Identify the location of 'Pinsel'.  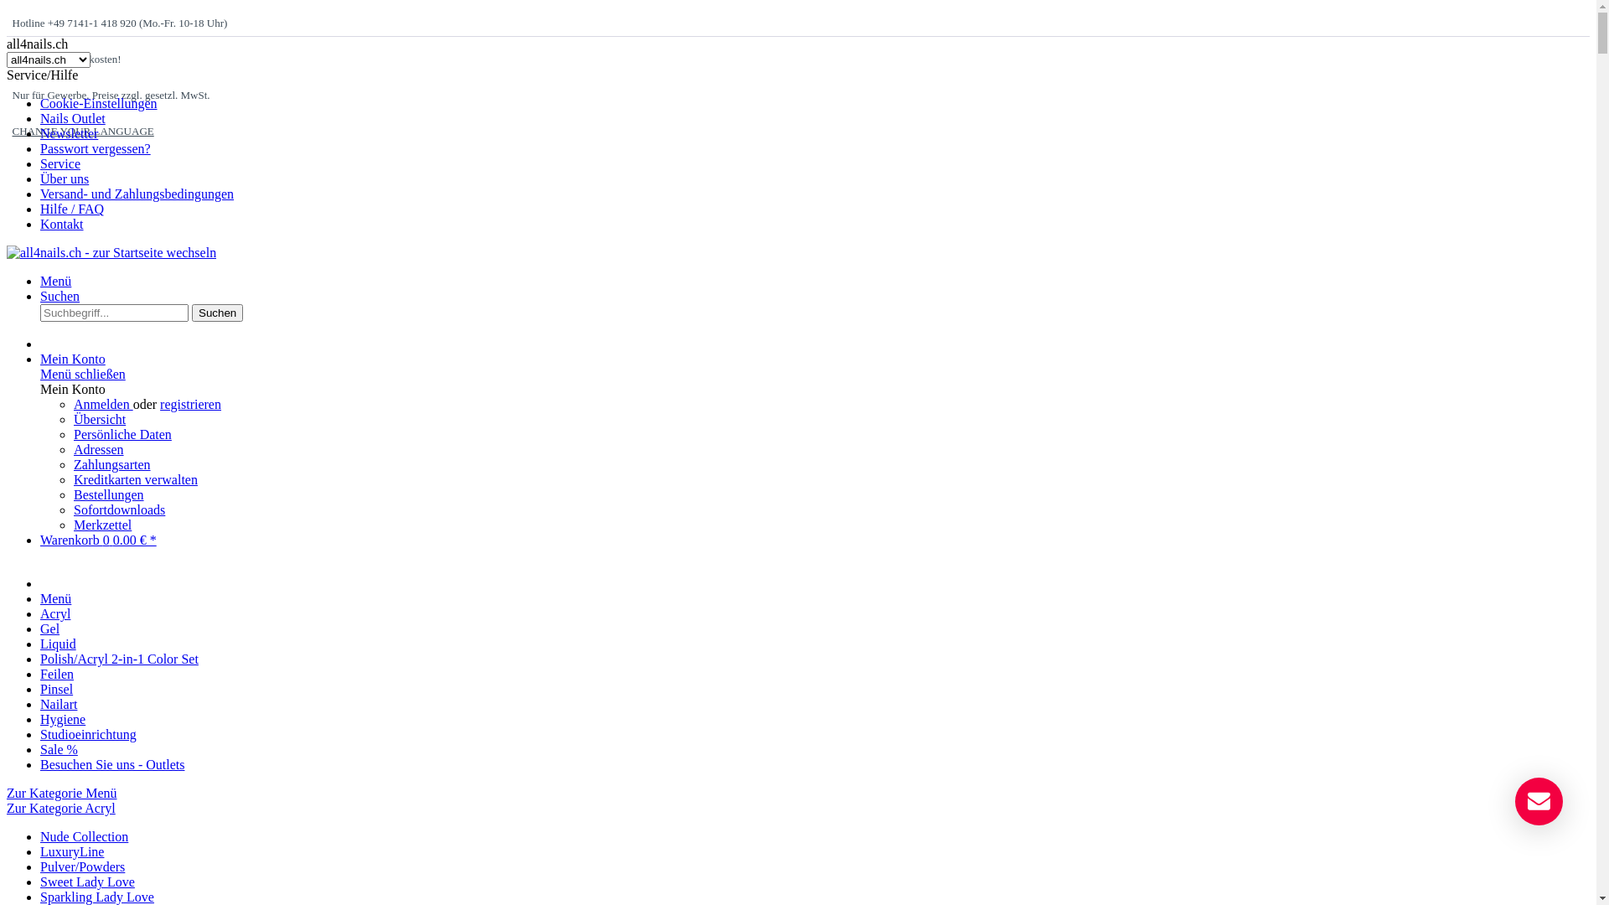
(56, 689).